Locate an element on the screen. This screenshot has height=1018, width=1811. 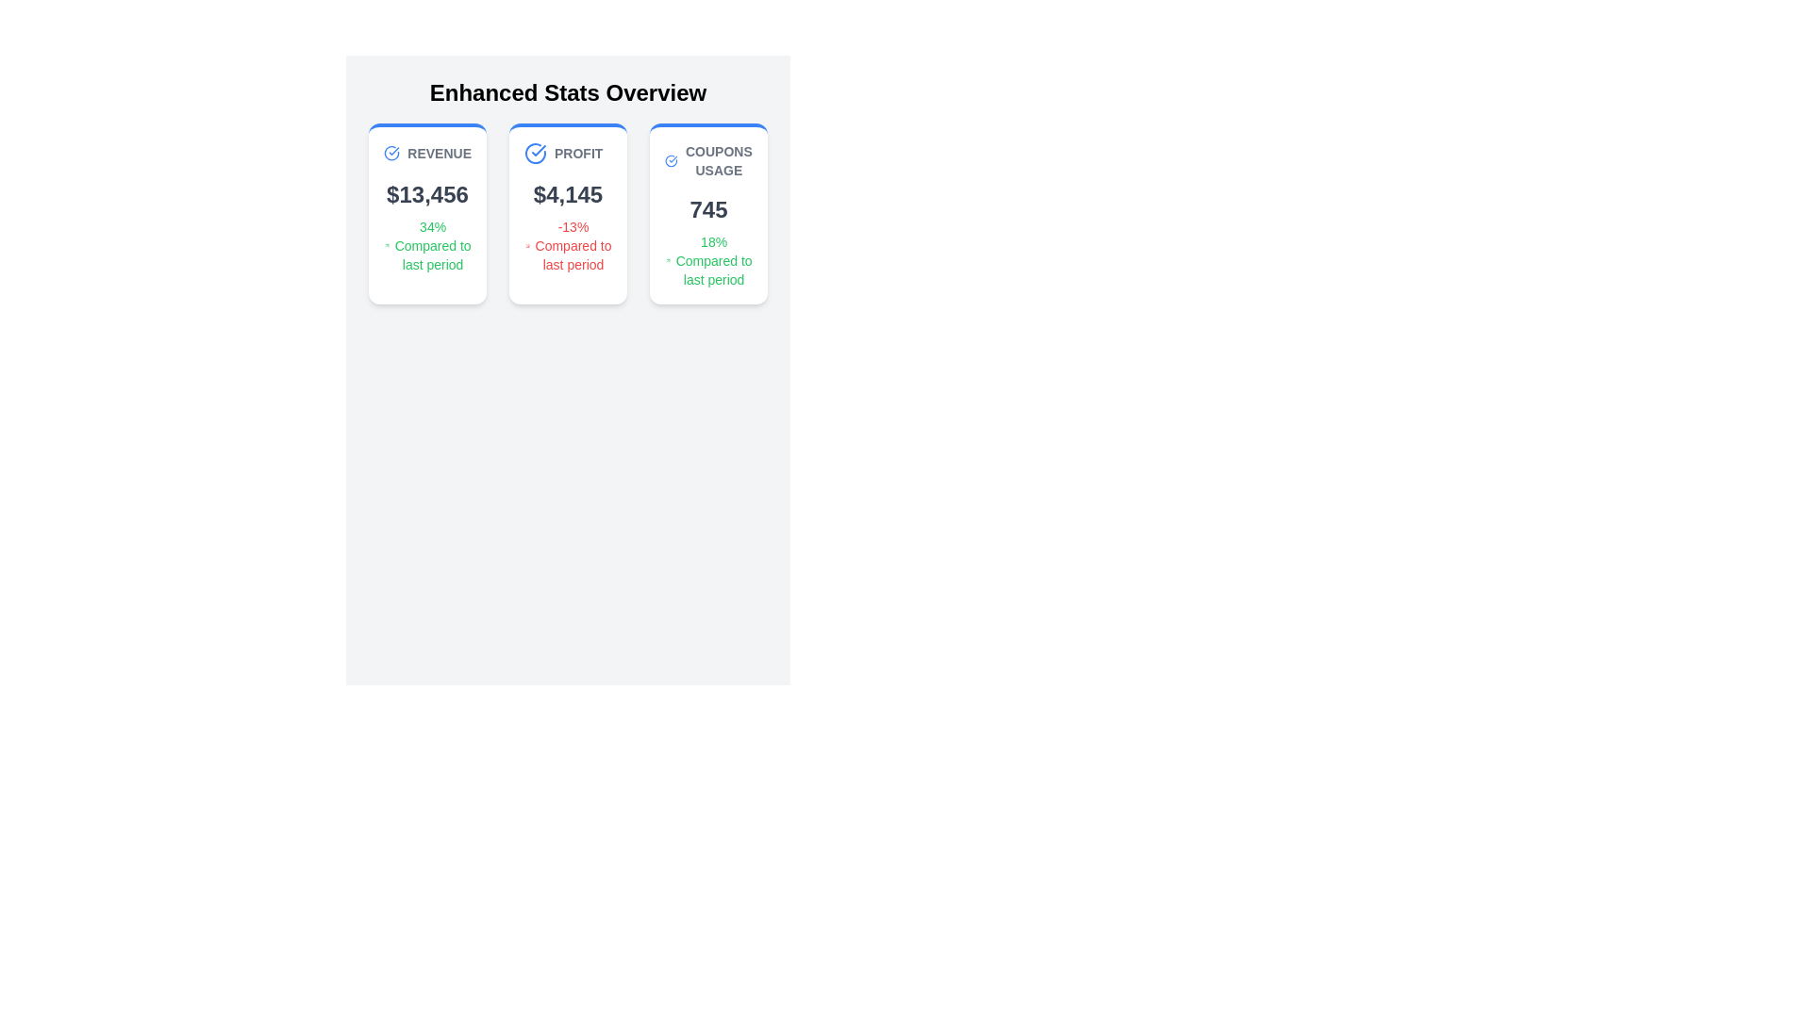
the prominently displayed number '745' in dark gray located in the third card under 'COUPONS USAGE' is located at coordinates (707, 210).